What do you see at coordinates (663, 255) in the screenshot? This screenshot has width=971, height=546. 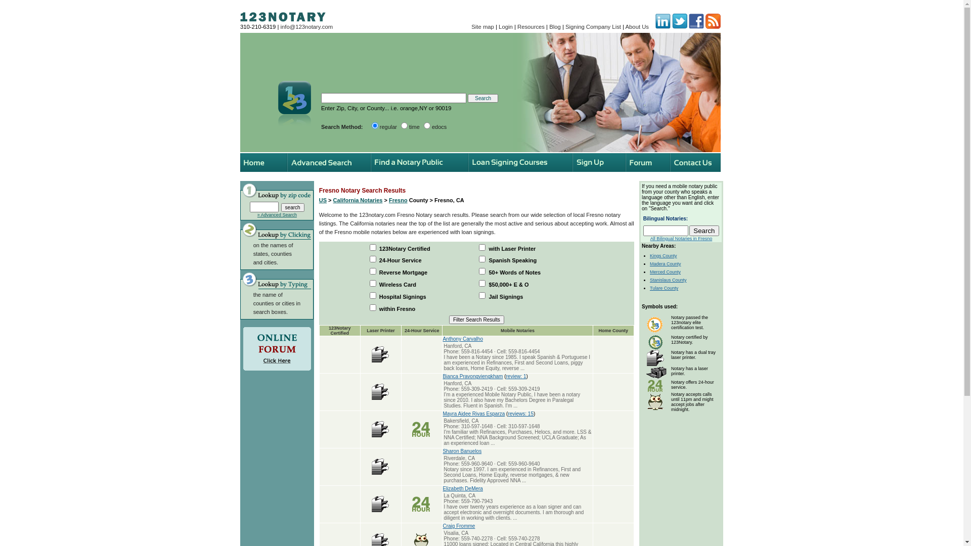 I see `'Kings County'` at bounding box center [663, 255].